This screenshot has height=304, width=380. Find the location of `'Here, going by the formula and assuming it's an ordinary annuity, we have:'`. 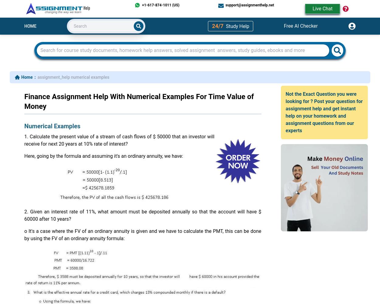

'Here, going by the formula and assuming it's an ordinary annuity, we have:' is located at coordinates (103, 156).